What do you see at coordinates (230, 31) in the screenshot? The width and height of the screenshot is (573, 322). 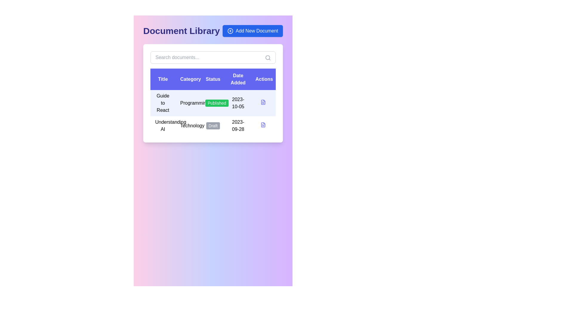 I see `the 'Add New Document' button, which contains the icon for adding or creating a new item, located in the top-right corner of the main interface` at bounding box center [230, 31].